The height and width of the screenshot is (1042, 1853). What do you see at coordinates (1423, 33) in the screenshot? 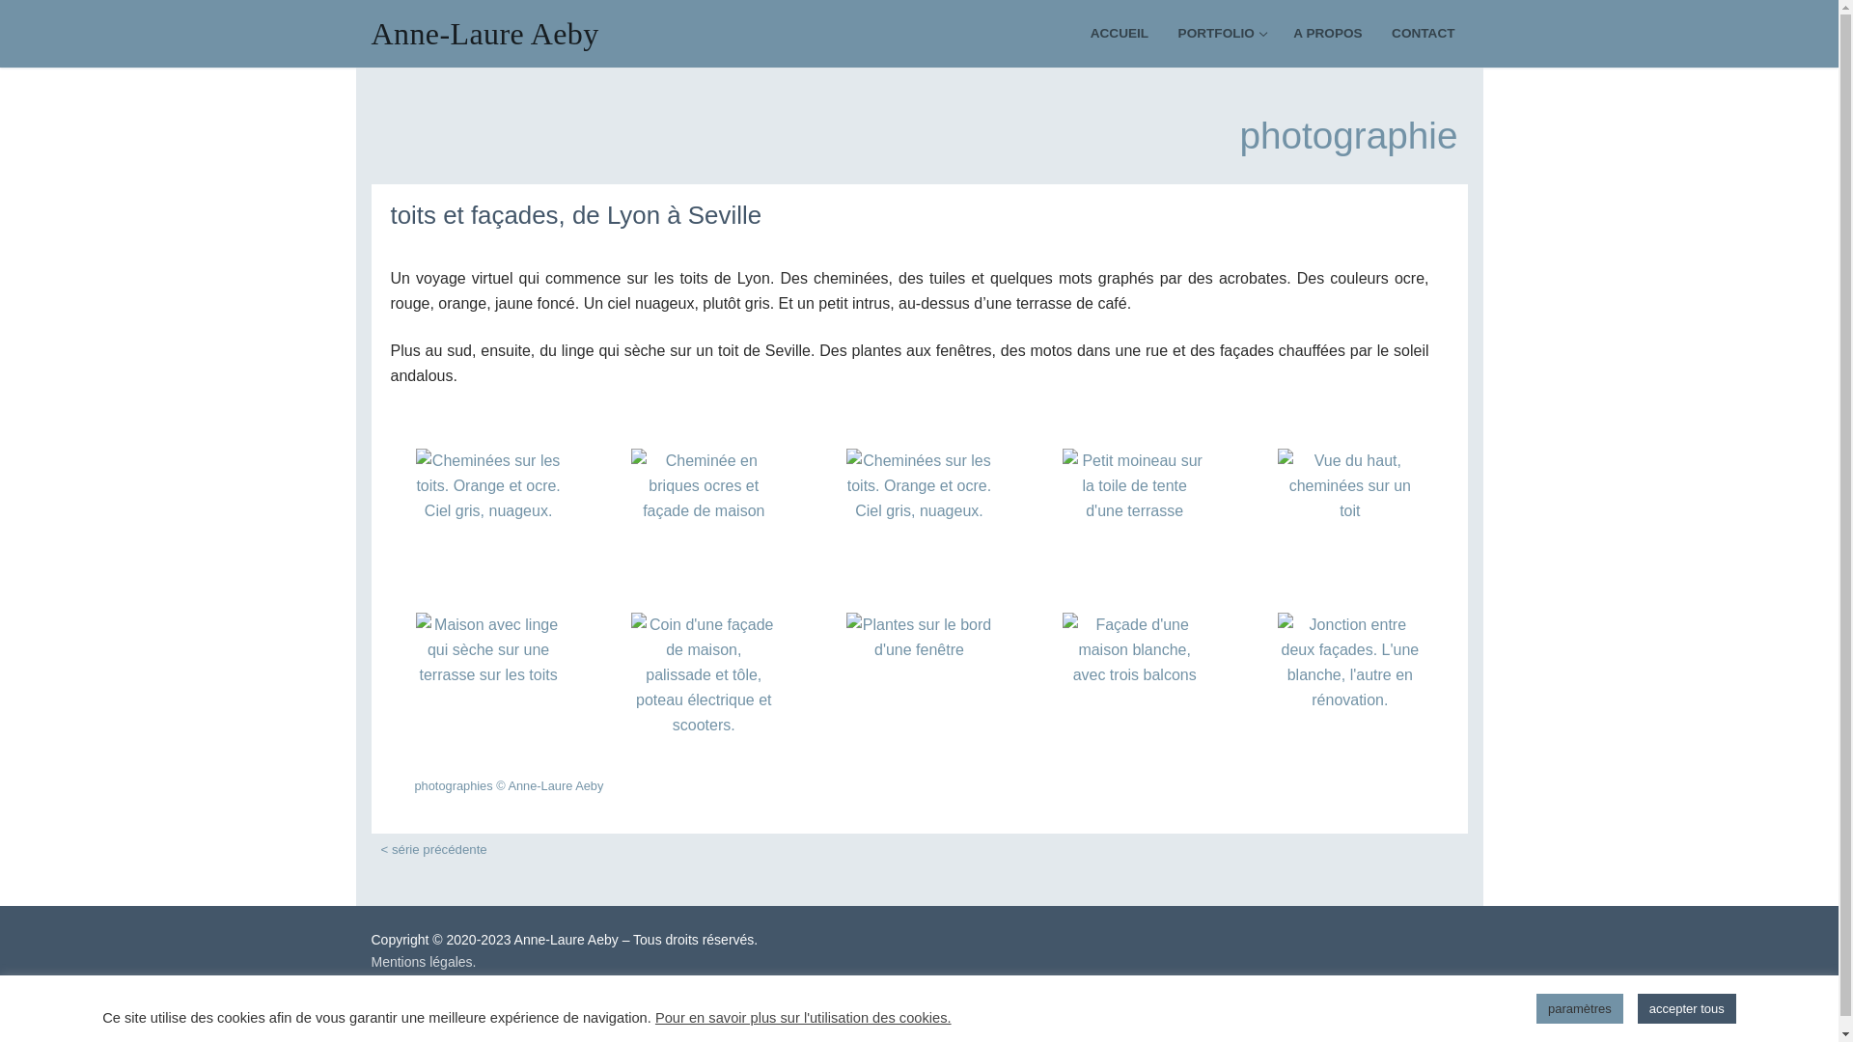
I see `'CONTACT'` at bounding box center [1423, 33].